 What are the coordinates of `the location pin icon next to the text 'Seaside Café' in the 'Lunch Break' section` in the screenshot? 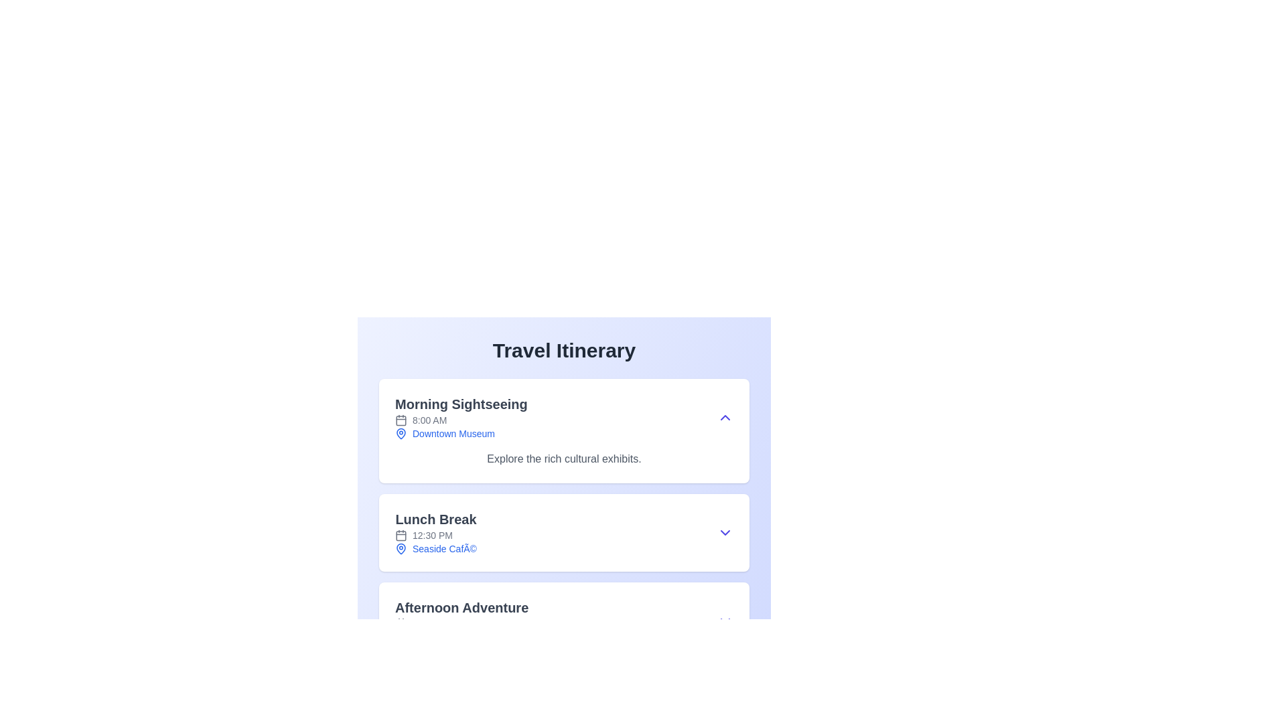 It's located at (401, 549).